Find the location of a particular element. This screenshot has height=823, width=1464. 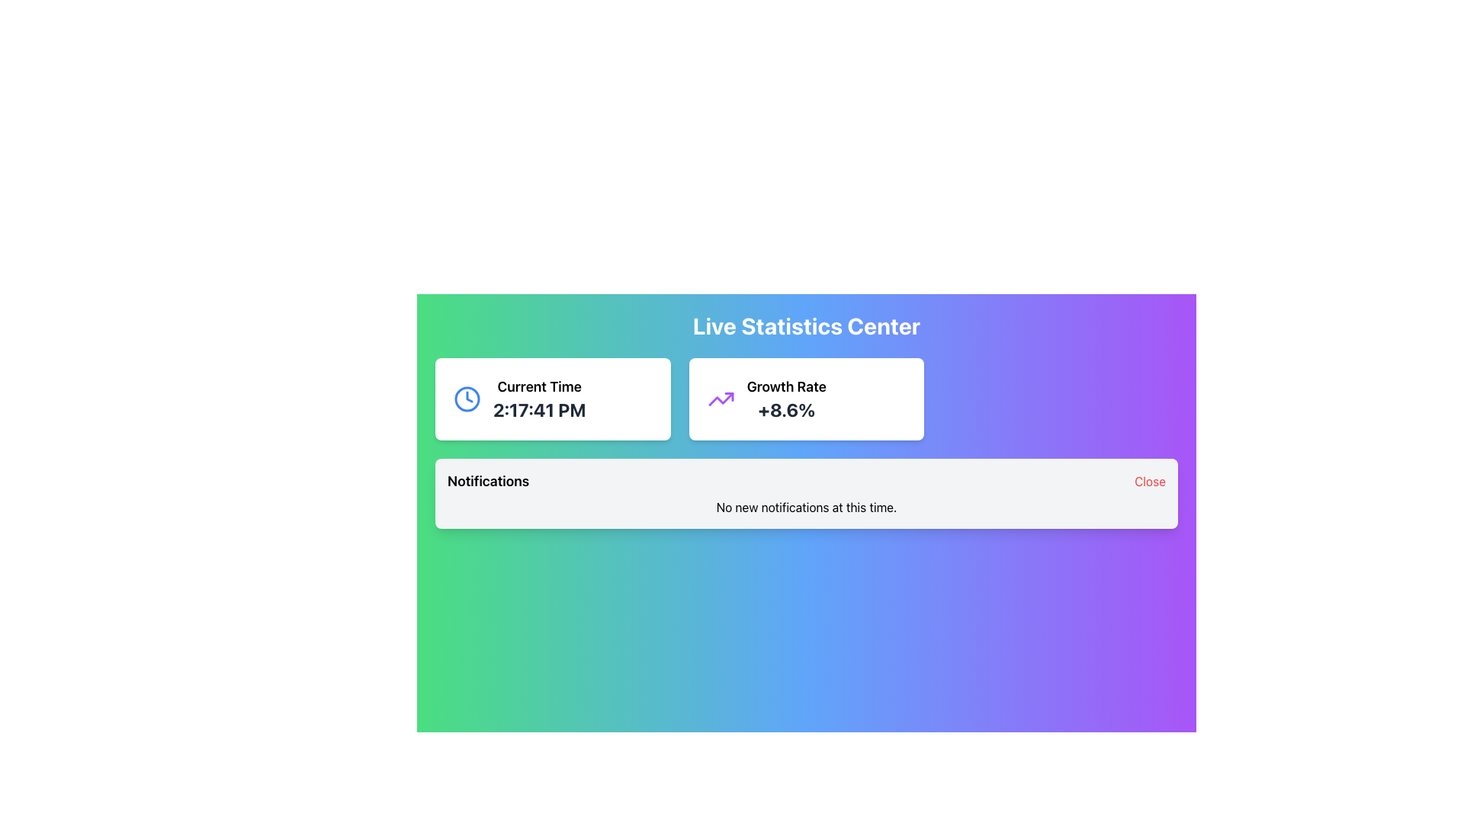

the Information Display Text element labeled 'Growth Rate' with the percentage '+8.6%' located in the top right part of the interface is located at coordinates (786, 399).